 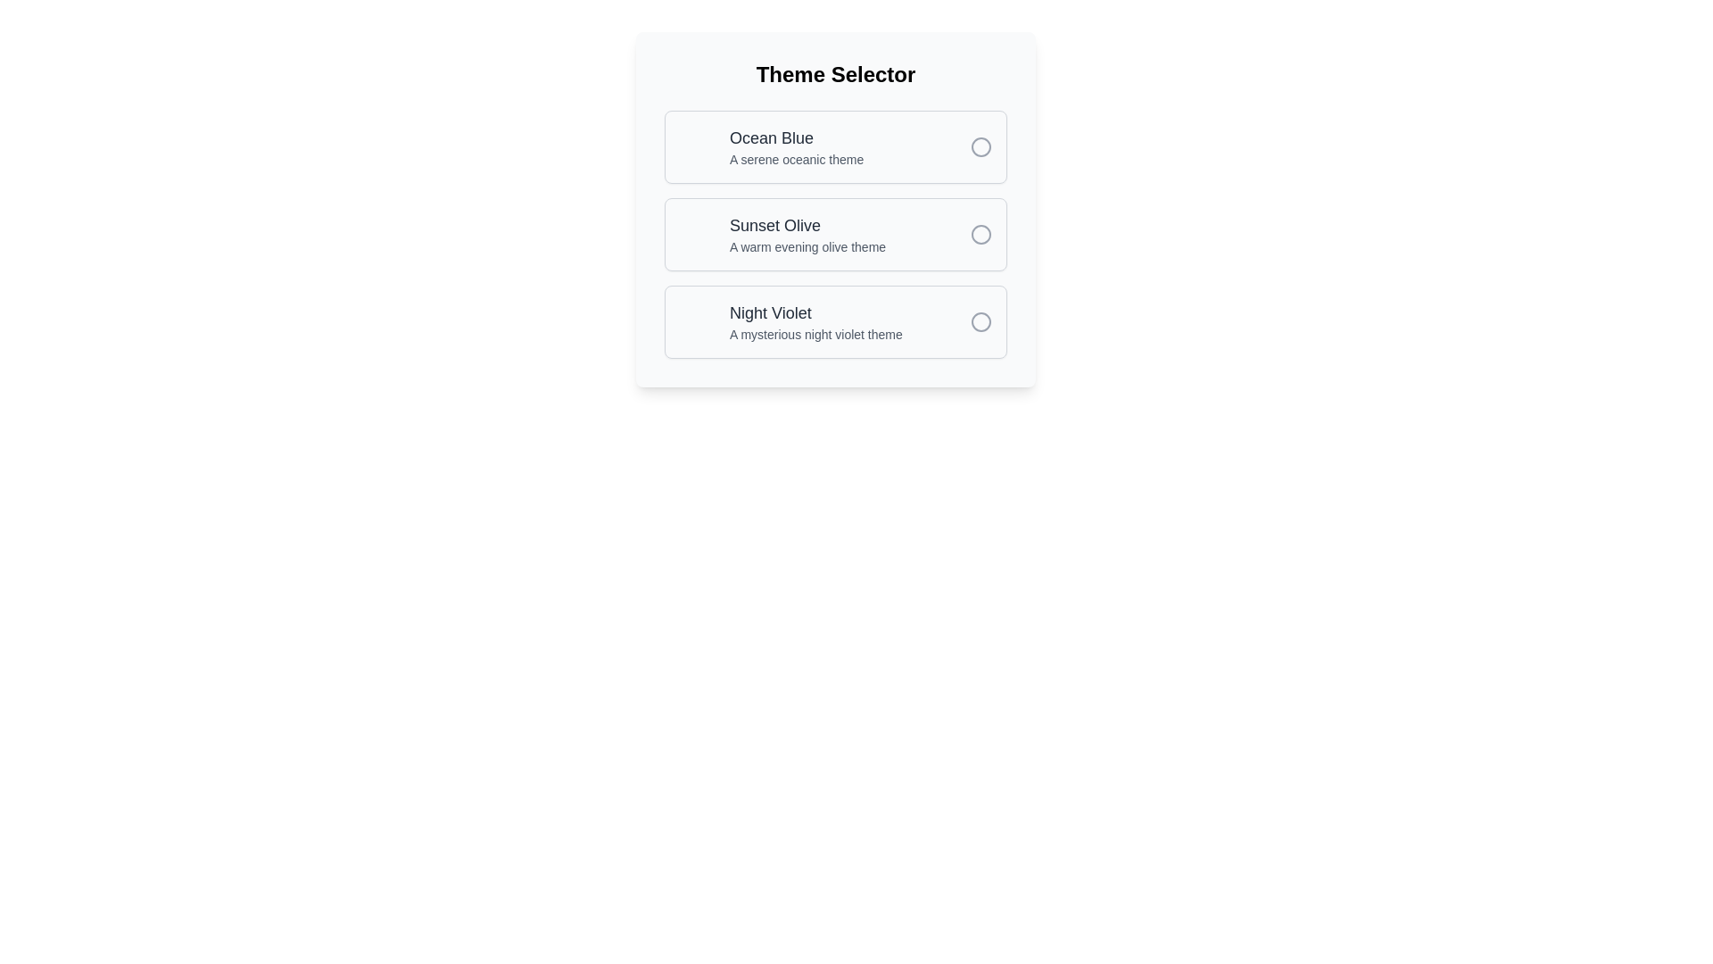 What do you see at coordinates (834, 146) in the screenshot?
I see `the selectable card with the radio button` at bounding box center [834, 146].